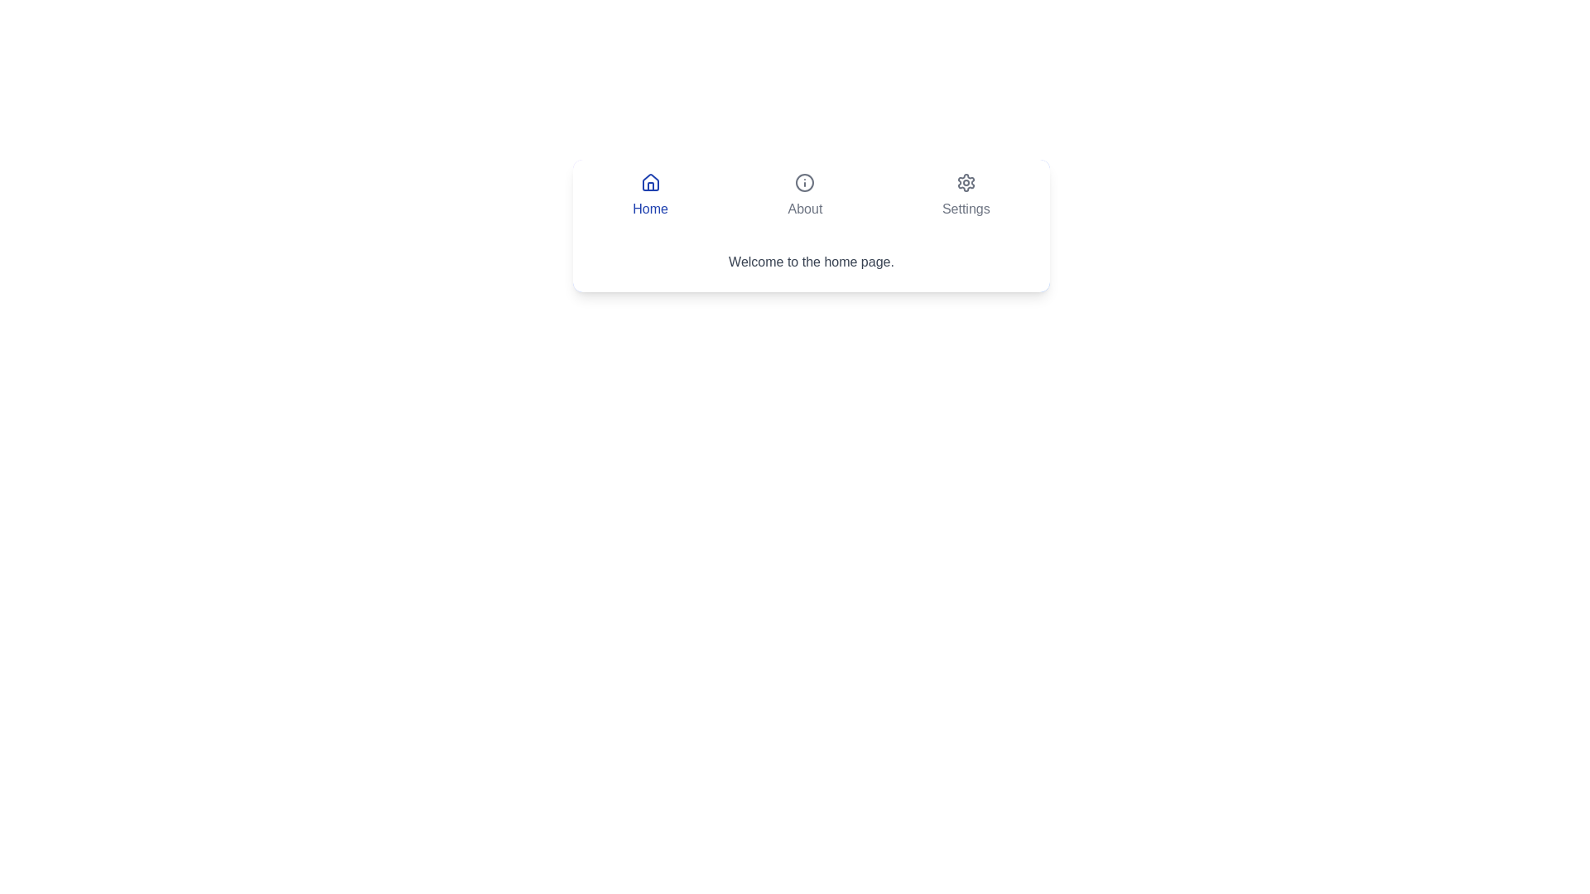 The height and width of the screenshot is (894, 1590). I want to click on the About tab by clicking its button, so click(805, 195).